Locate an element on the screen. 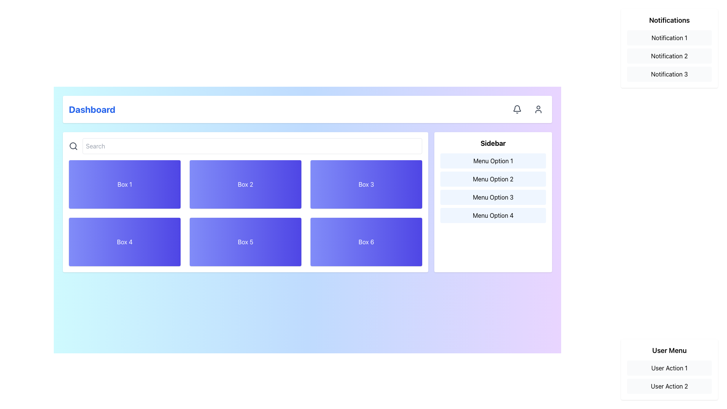  the vertical menu group located within the 'Sidebar' section is located at coordinates (493, 188).